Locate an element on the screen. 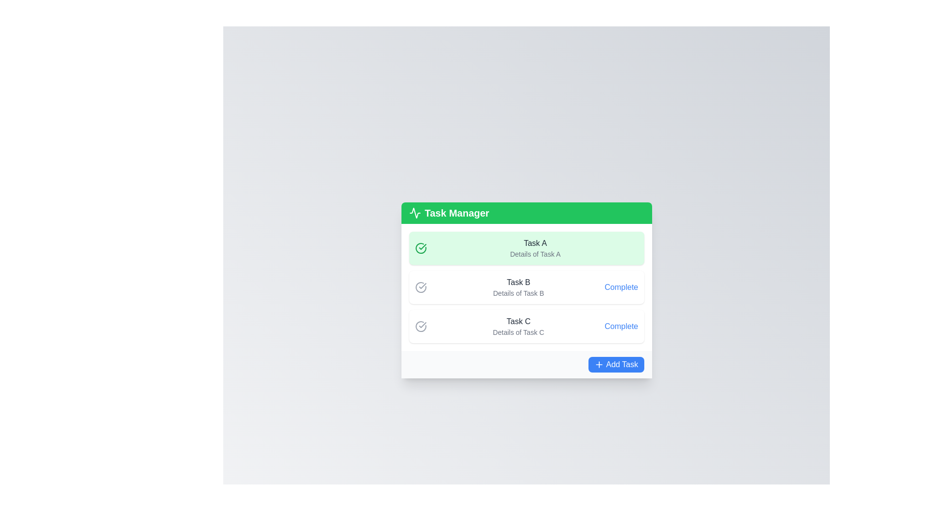 Image resolution: width=940 pixels, height=528 pixels. the clickable text that marks 'Task B' as complete to change its color is located at coordinates (621, 286).